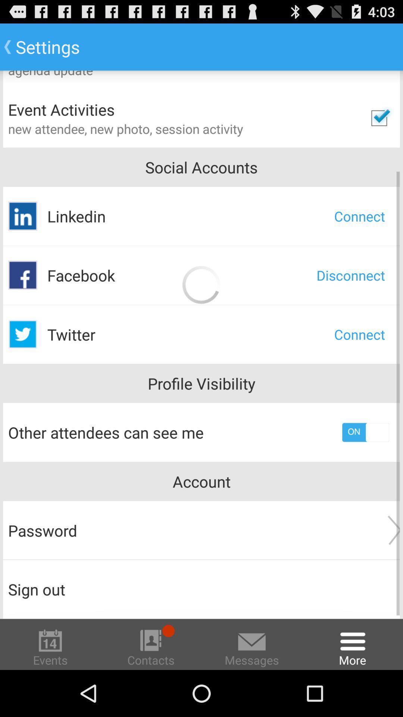 The image size is (403, 717). Describe the element at coordinates (351, 275) in the screenshot. I see `the item below the connect icon` at that location.